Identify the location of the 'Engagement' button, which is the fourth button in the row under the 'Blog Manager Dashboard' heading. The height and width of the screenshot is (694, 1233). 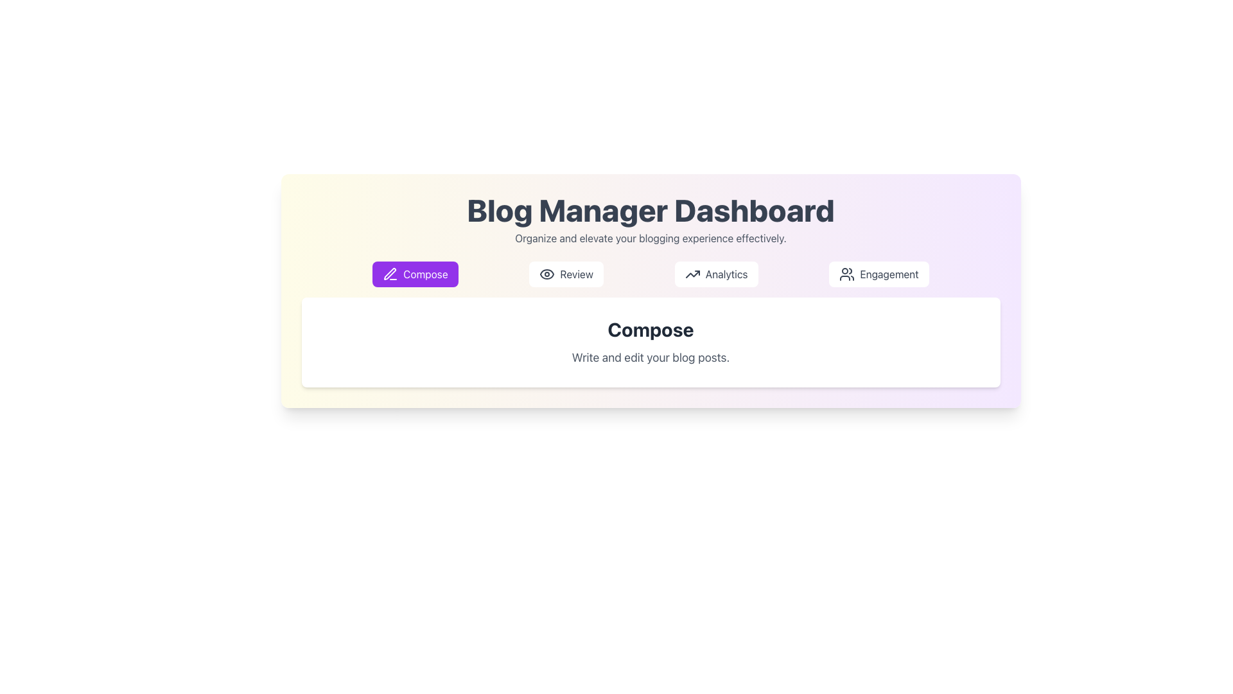
(878, 274).